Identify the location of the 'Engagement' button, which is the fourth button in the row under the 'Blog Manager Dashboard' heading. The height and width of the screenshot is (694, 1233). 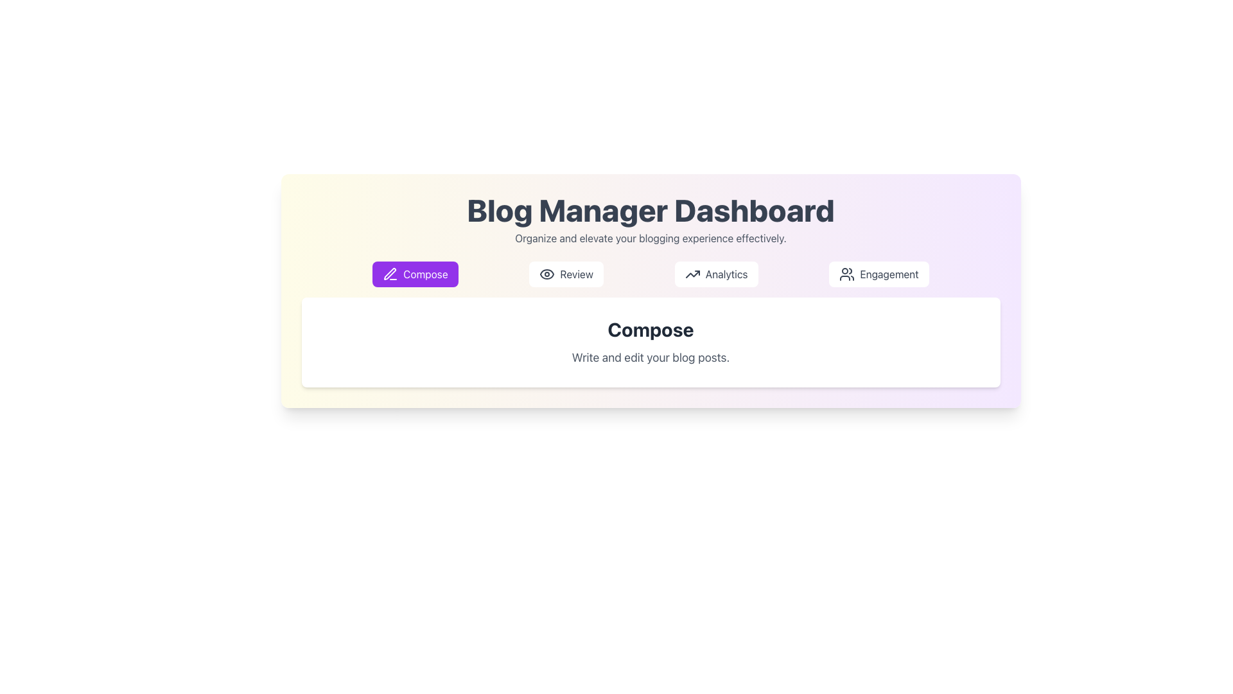
(878, 274).